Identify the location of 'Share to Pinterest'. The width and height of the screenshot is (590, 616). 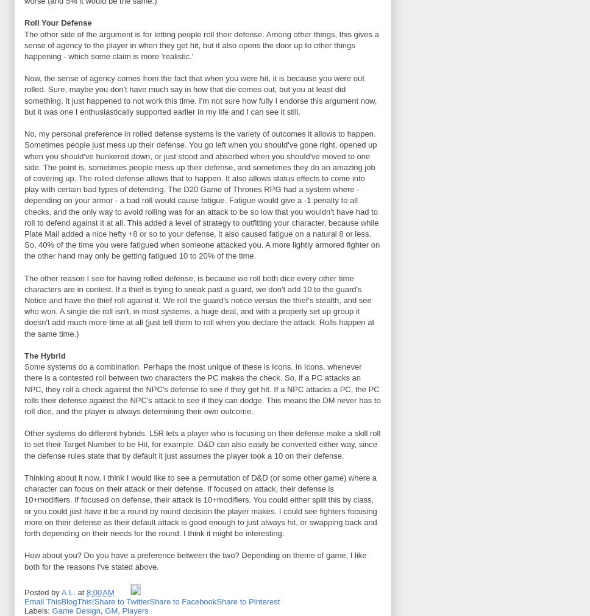
(248, 601).